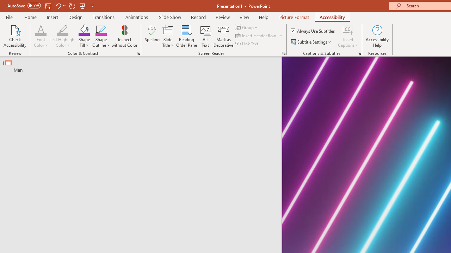 The height and width of the screenshot is (253, 451). What do you see at coordinates (198, 17) in the screenshot?
I see `'Record'` at bounding box center [198, 17].